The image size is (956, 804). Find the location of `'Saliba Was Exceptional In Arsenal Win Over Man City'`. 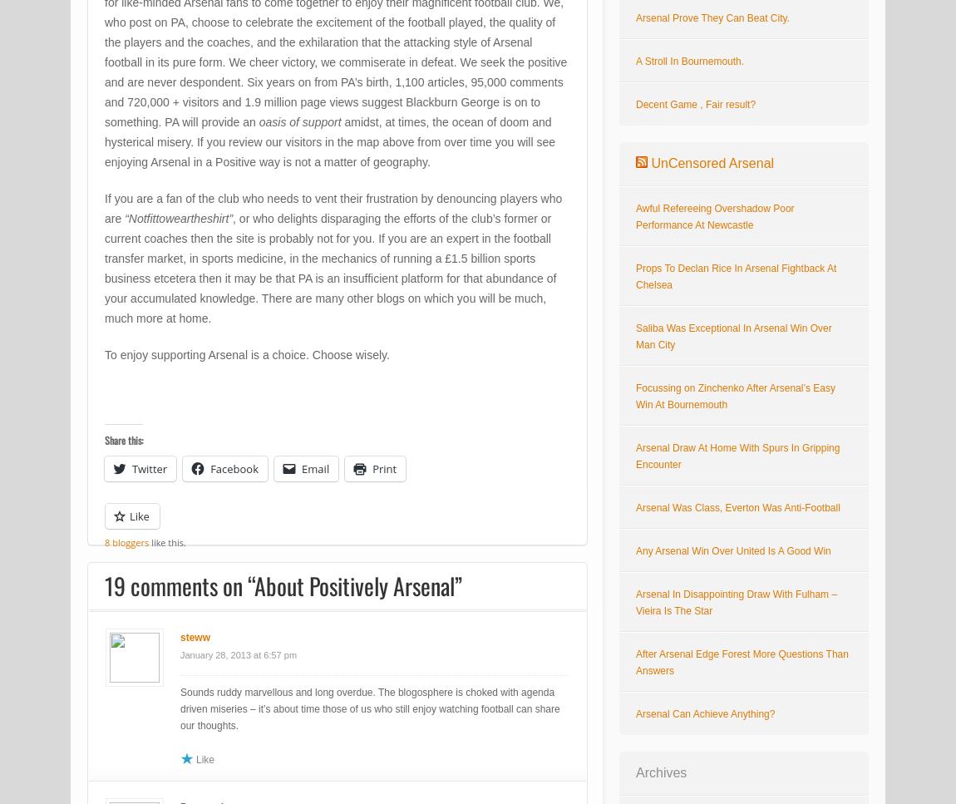

'Saliba Was Exceptional In Arsenal Win Over Man City' is located at coordinates (733, 336).